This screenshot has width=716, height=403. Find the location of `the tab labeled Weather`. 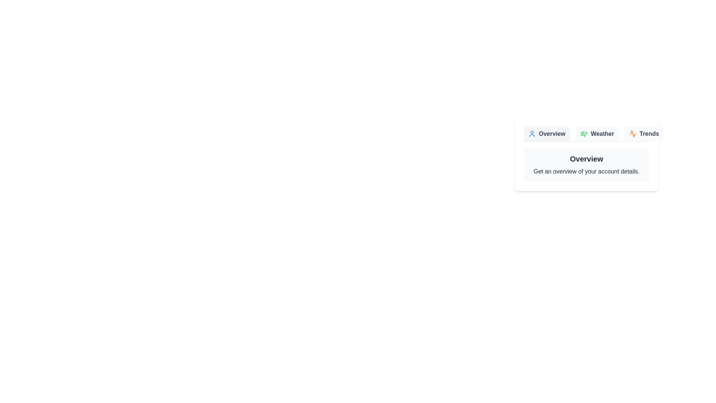

the tab labeled Weather is located at coordinates (597, 133).